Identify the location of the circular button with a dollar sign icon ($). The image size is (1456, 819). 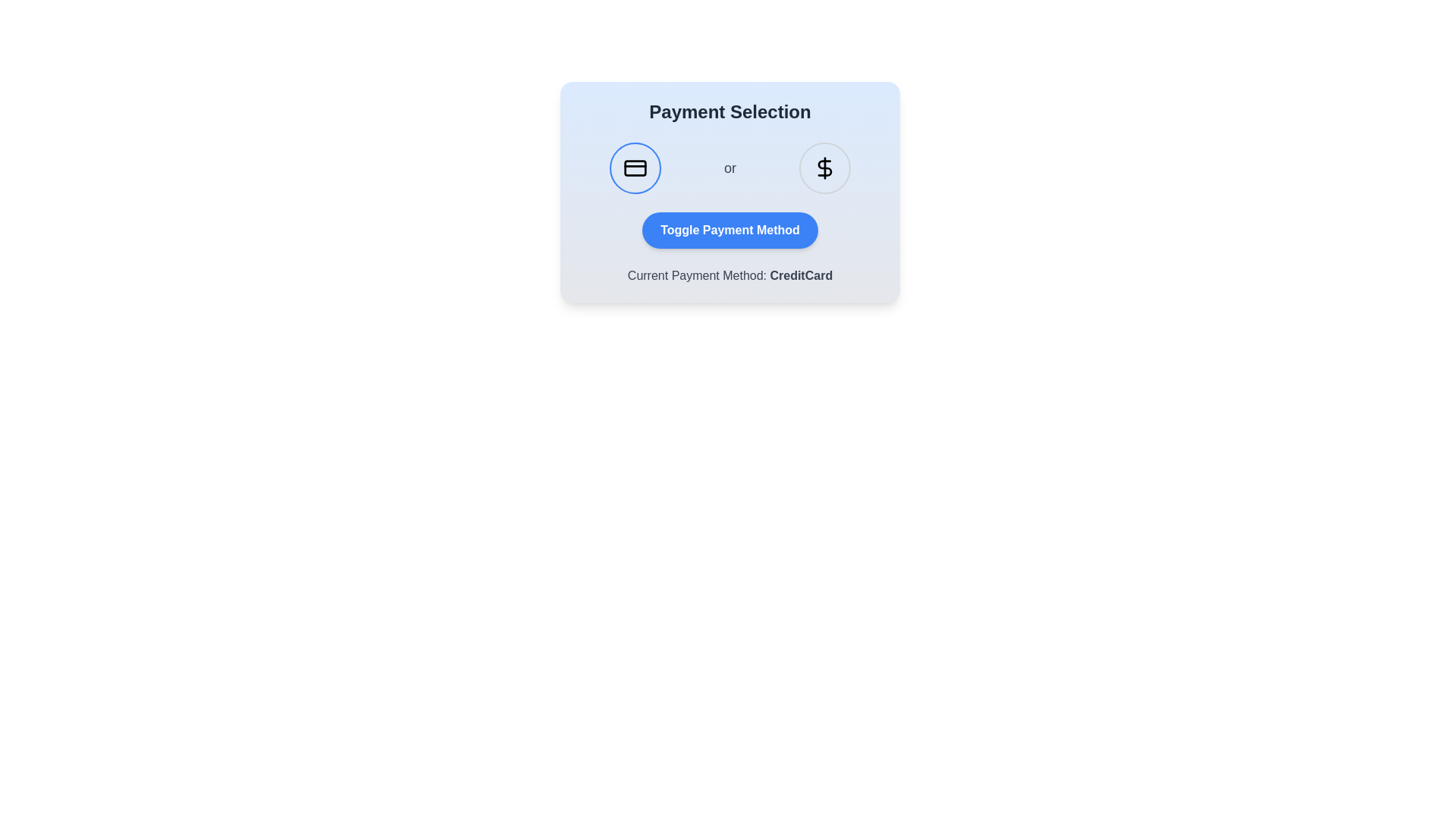
(824, 168).